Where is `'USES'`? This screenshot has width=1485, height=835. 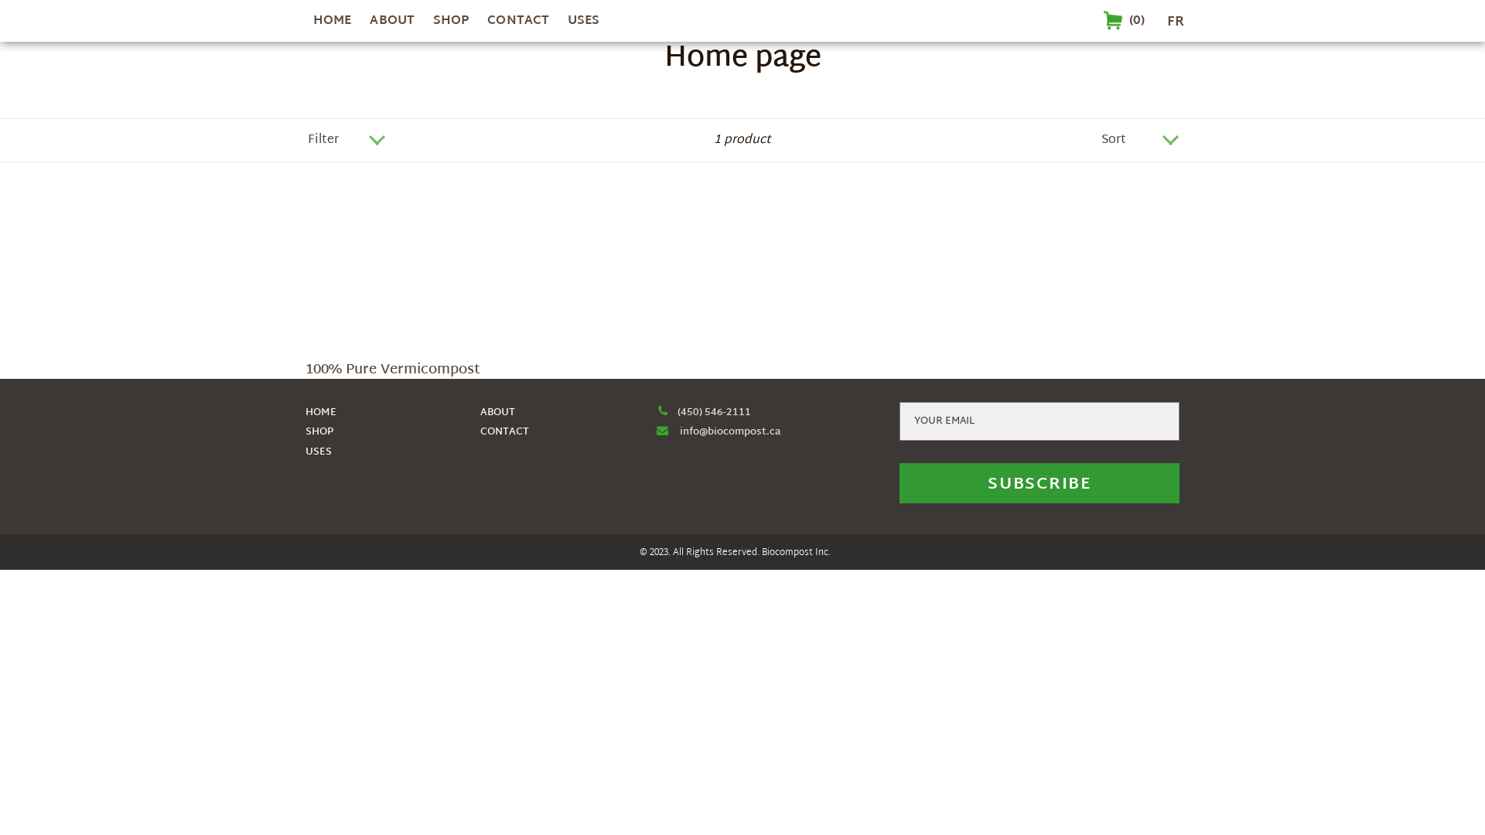 'USES' is located at coordinates (582, 21).